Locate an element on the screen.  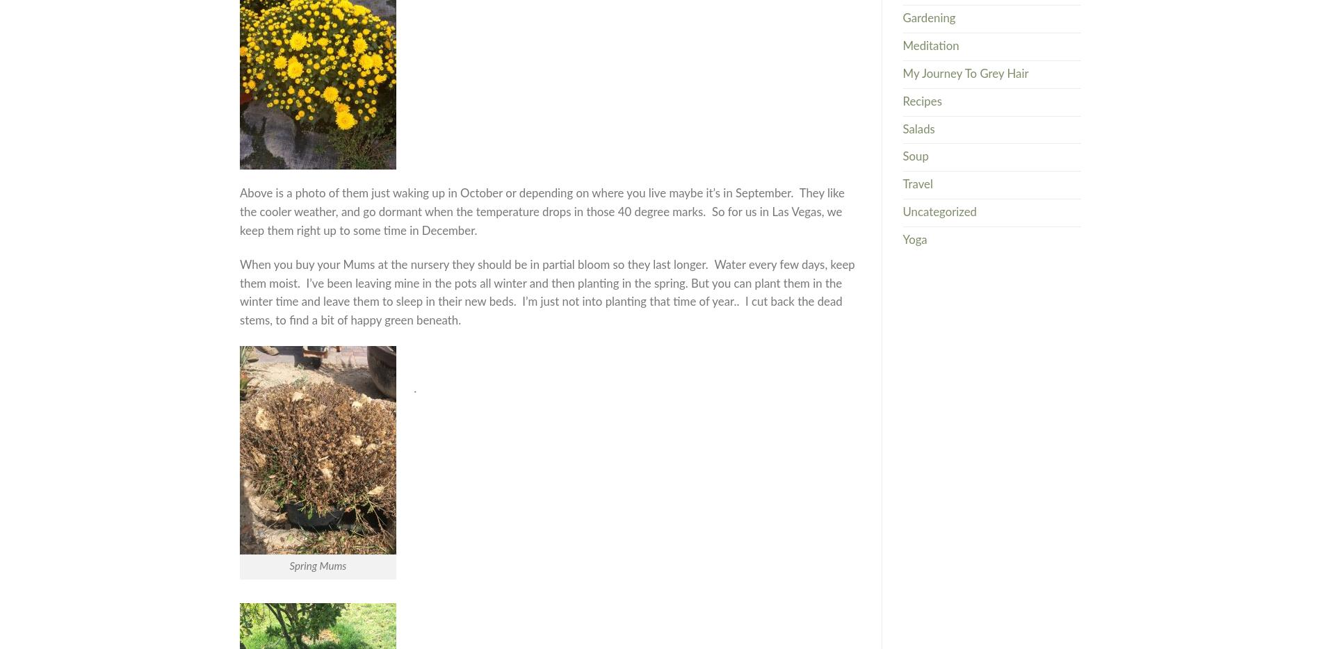
'Travel' is located at coordinates (916, 184).